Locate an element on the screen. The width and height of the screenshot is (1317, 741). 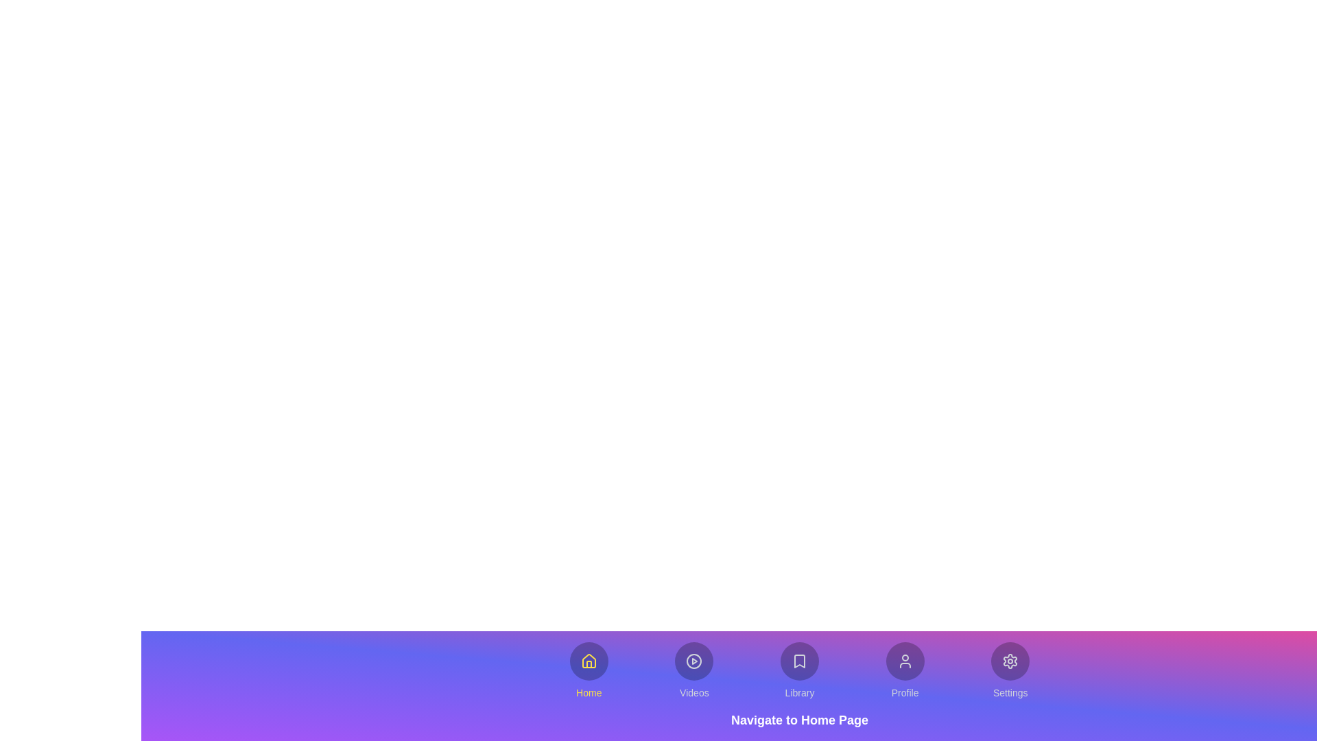
the button labeled Videos to explore its hover effects is located at coordinates (694, 670).